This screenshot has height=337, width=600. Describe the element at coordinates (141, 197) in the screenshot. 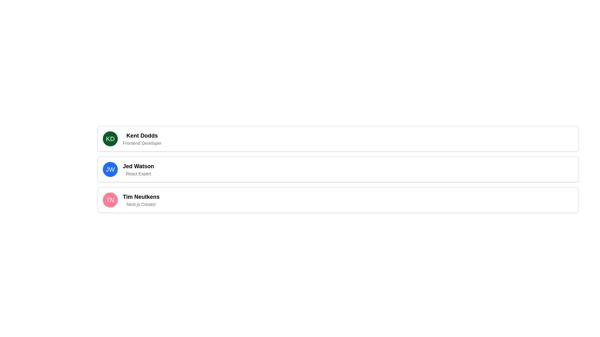

I see `the text display showing 'Tim Neutkens' in bold within the third profile card` at that location.